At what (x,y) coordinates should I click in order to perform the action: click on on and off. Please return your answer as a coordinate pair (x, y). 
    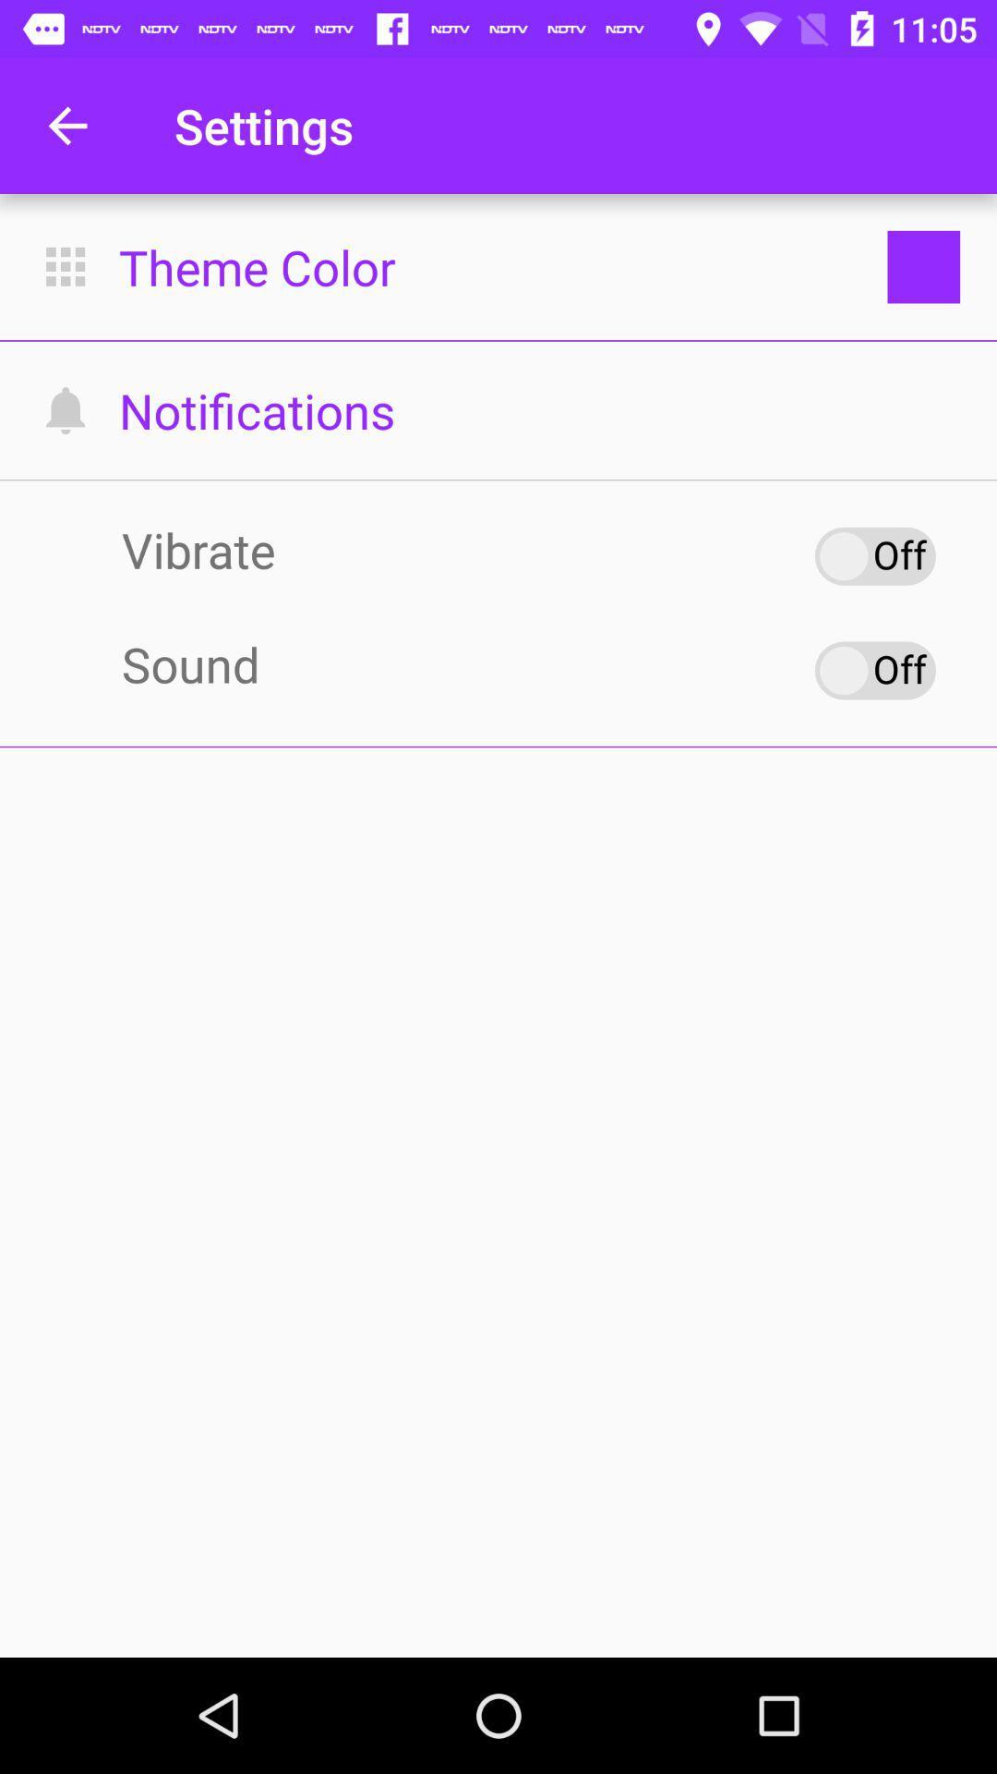
    Looking at the image, I should click on (874, 669).